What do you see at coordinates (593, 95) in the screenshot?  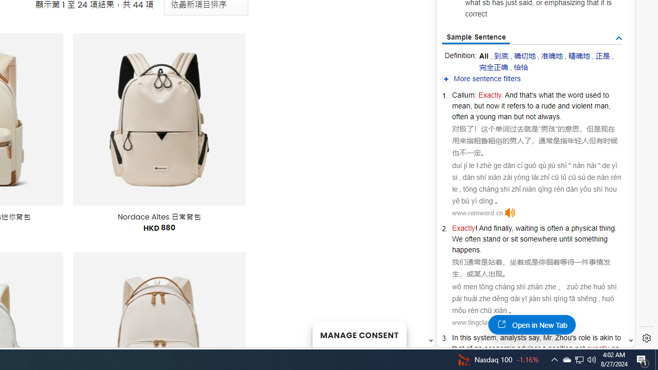 I see `'used'` at bounding box center [593, 95].